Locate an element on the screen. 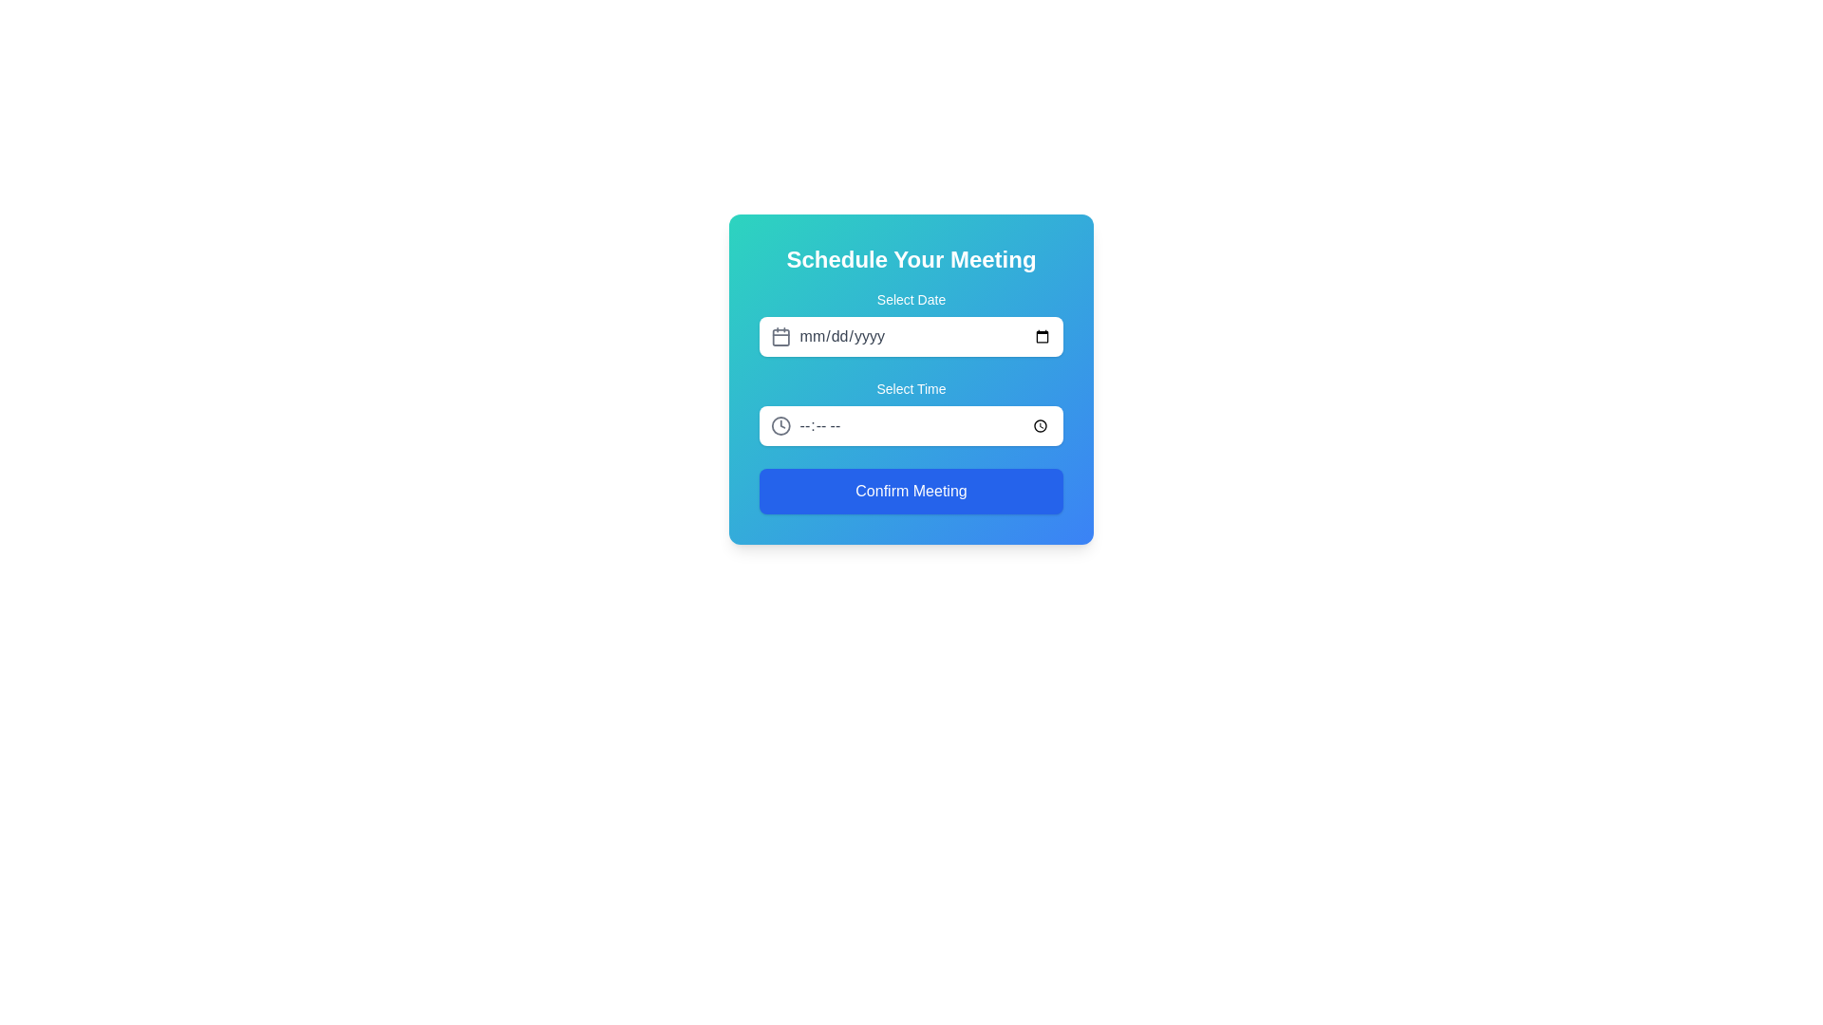  the Time Input Field, which is a rectangular input field with a white background and rounded corners, part of a blue-hued scheduling form, to focus the input is located at coordinates (925, 424).